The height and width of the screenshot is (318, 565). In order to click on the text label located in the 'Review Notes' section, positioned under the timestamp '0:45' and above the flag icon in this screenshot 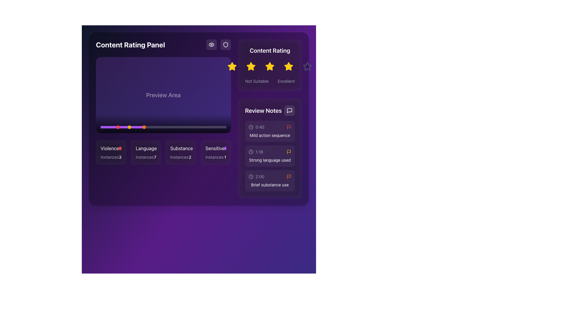, I will do `click(270, 135)`.